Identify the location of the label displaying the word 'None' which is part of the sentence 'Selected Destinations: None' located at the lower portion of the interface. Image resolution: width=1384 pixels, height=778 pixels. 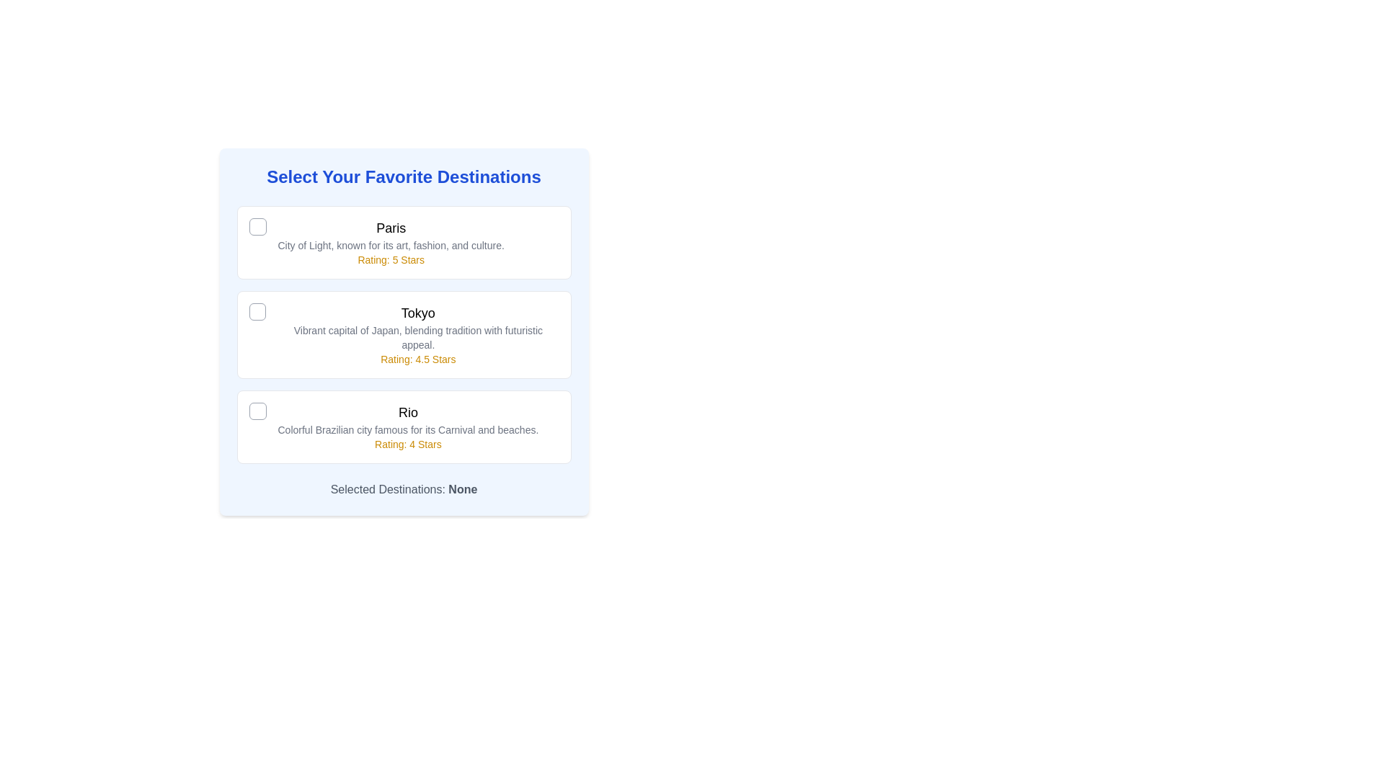
(463, 488).